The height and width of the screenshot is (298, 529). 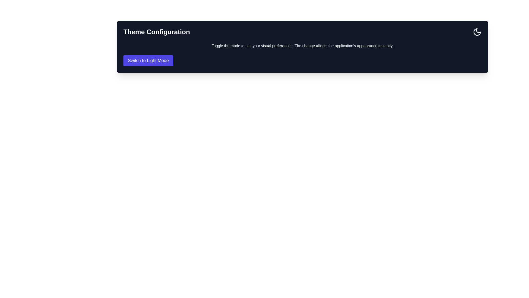 I want to click on the 'Switch to Light Mode' button, which is a vibrant indigo rectangular button with rounded corners located at the bottom left of the 'Theme Configuration' panel, to observe the color change, so click(x=148, y=60).